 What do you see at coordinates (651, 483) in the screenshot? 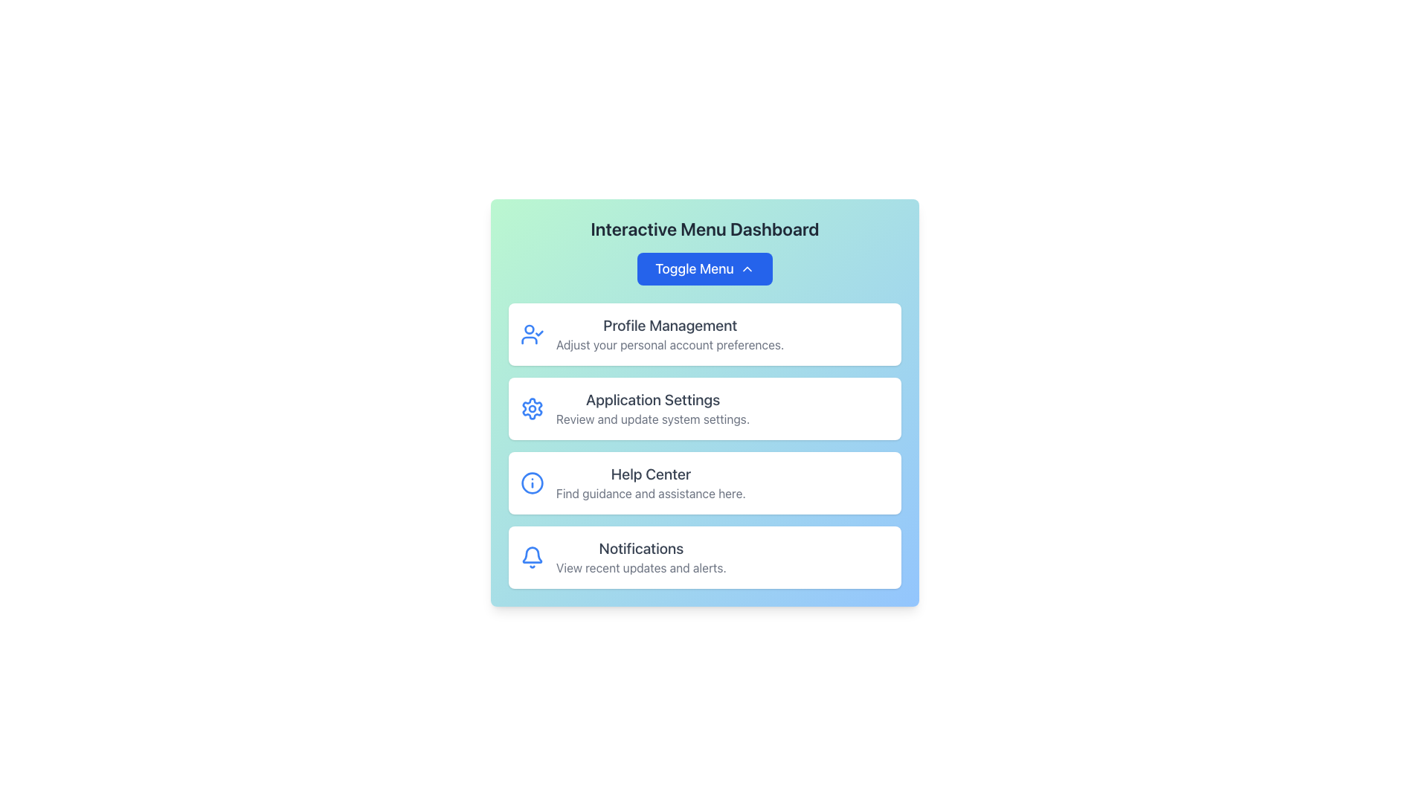
I see `the 'Help Center' text block, which features a bold title and a lighter subtitle, positioned between 'Application Settings' and 'Notifications' in the vertical list of options` at bounding box center [651, 483].